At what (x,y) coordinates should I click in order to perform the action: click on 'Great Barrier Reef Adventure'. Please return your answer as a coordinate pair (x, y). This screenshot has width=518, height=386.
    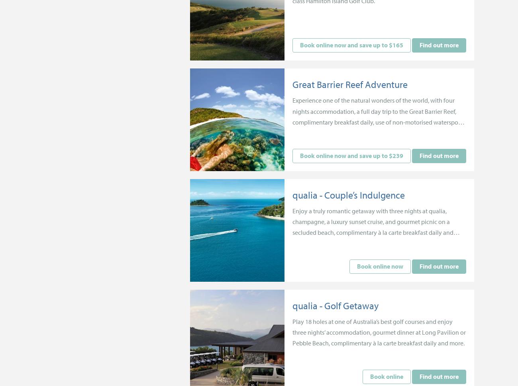
    Looking at the image, I should click on (349, 84).